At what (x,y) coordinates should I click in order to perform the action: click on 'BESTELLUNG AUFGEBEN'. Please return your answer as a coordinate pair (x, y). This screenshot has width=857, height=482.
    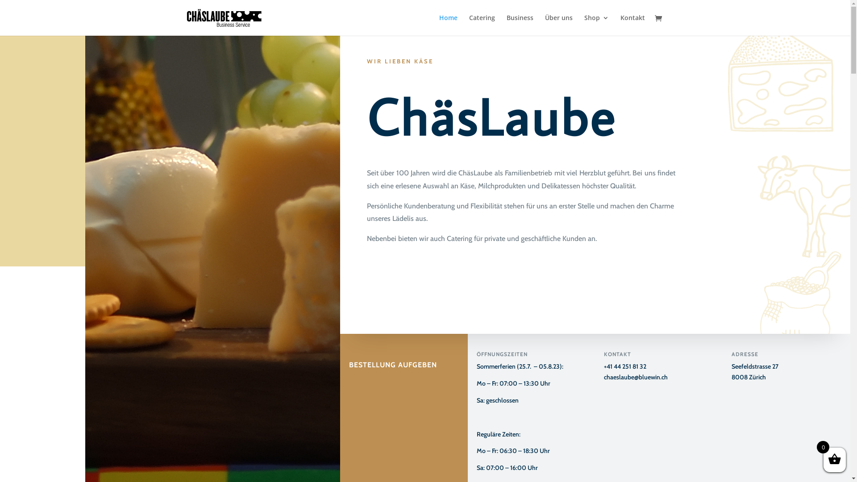
    Looking at the image, I should click on (393, 353).